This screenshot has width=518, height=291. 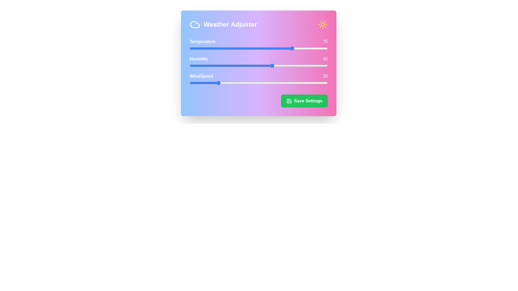 I want to click on the temperature slider, so click(x=289, y=48).